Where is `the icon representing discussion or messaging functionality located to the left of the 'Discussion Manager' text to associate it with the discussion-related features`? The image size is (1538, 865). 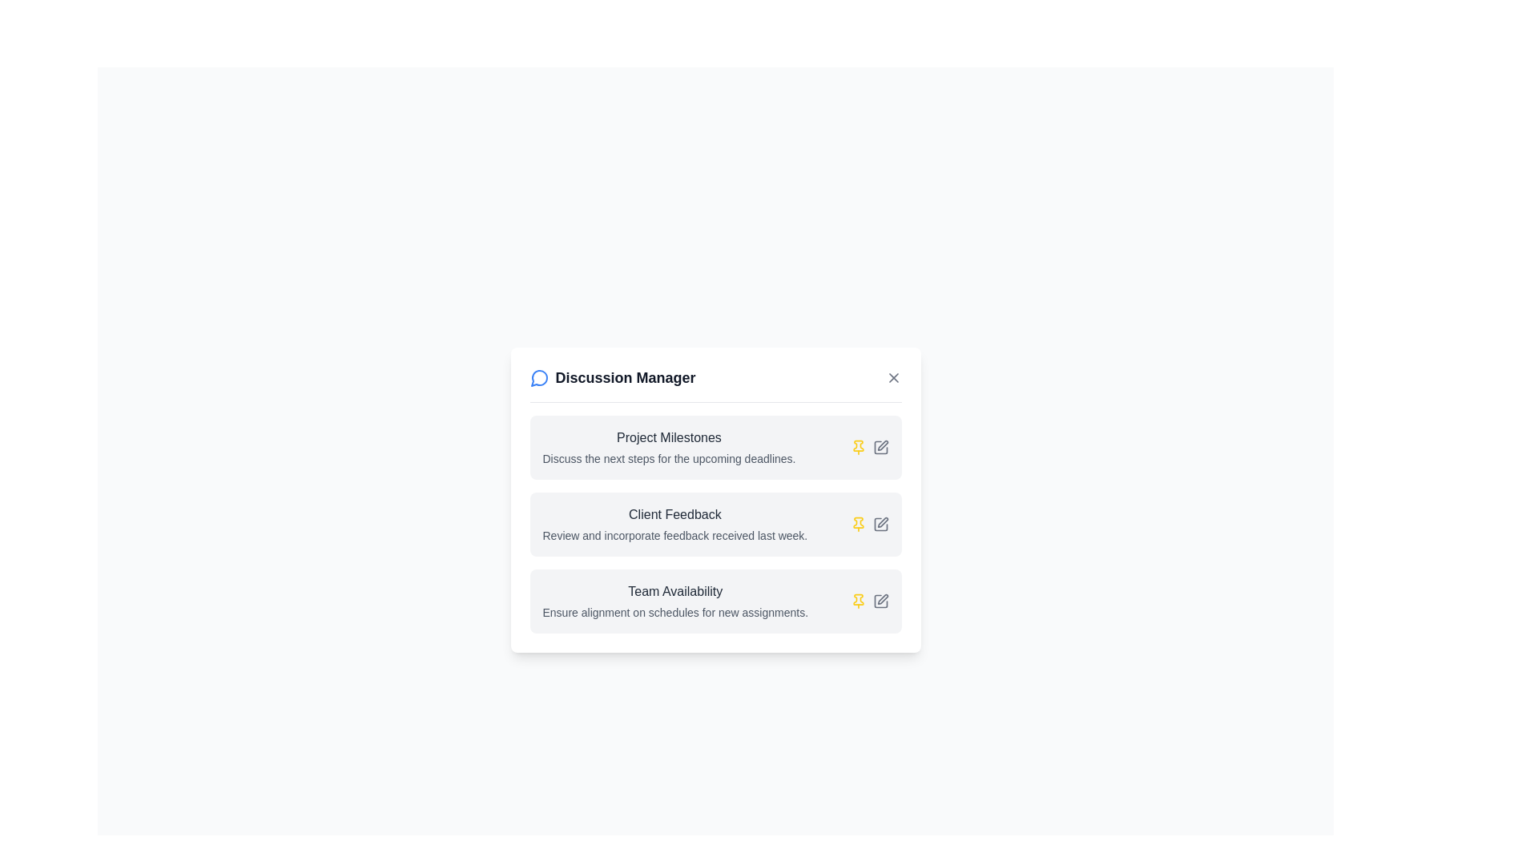 the icon representing discussion or messaging functionality located to the left of the 'Discussion Manager' text to associate it with the discussion-related features is located at coordinates (539, 377).